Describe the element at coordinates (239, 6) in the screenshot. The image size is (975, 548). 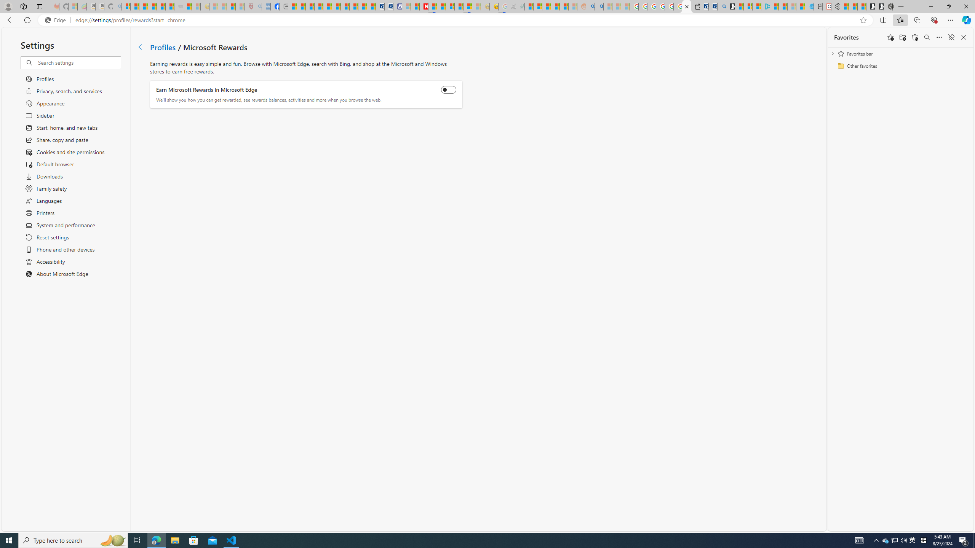
I see `'12 Popular Science Lies that Must be Corrected - Sleeping'` at that location.